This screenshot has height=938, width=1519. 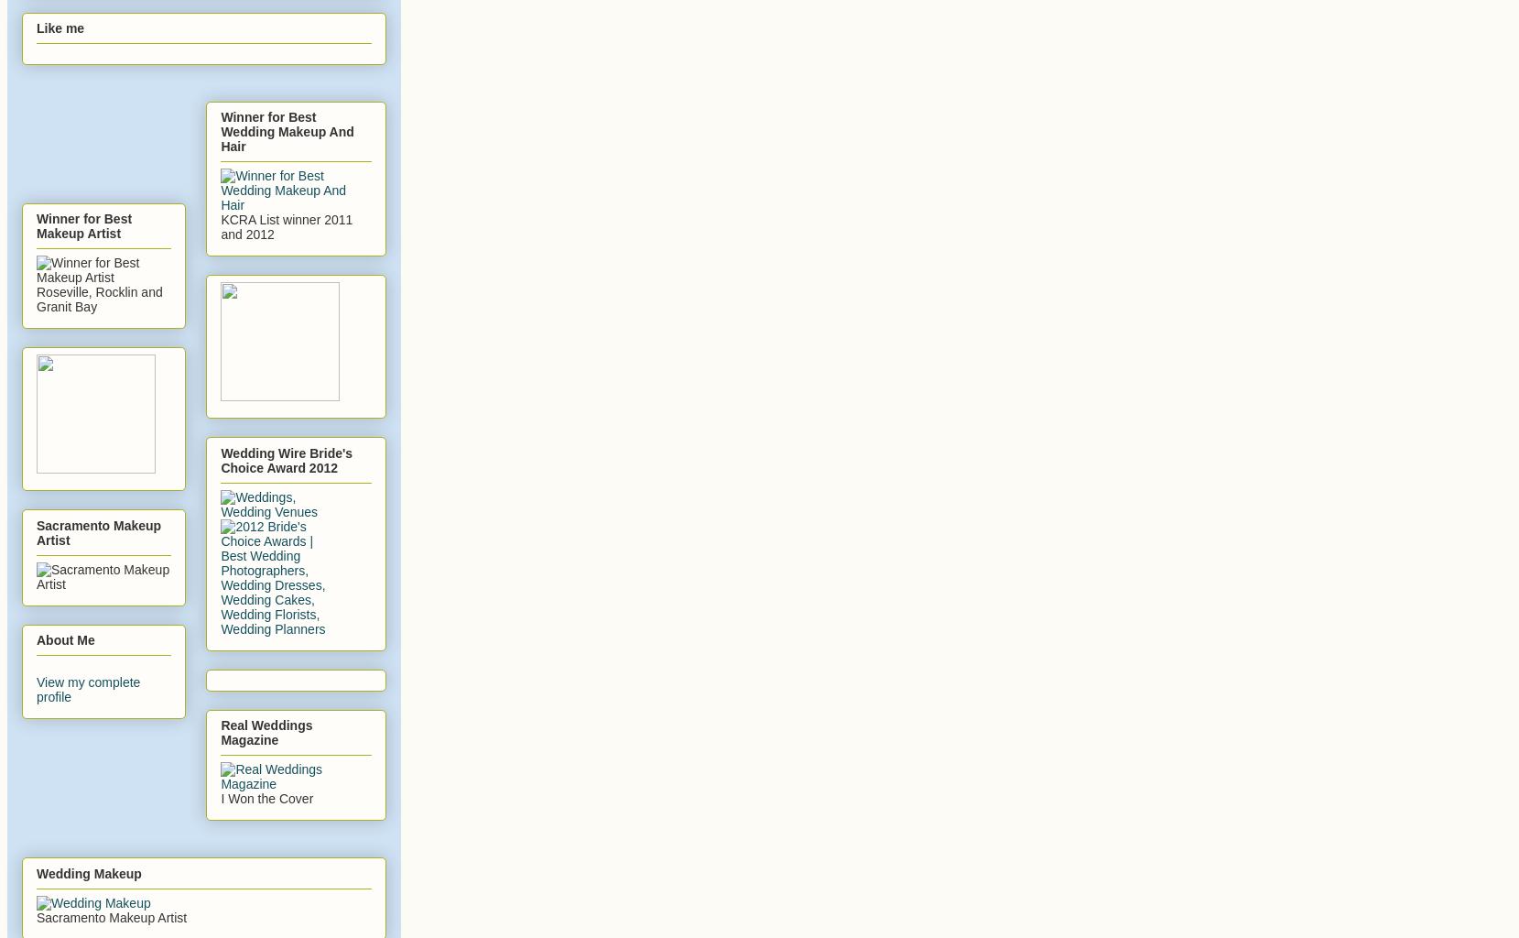 What do you see at coordinates (220, 130) in the screenshot?
I see `'Winner for Best Wedding Makeup And Hair'` at bounding box center [220, 130].